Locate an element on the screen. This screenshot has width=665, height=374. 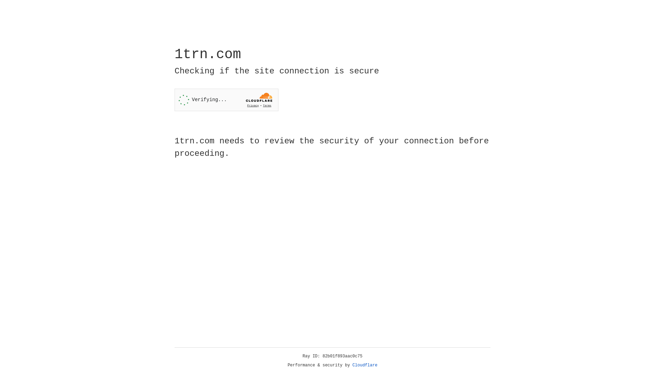
'Widget containing a Cloudflare security challenge' is located at coordinates (226, 100).